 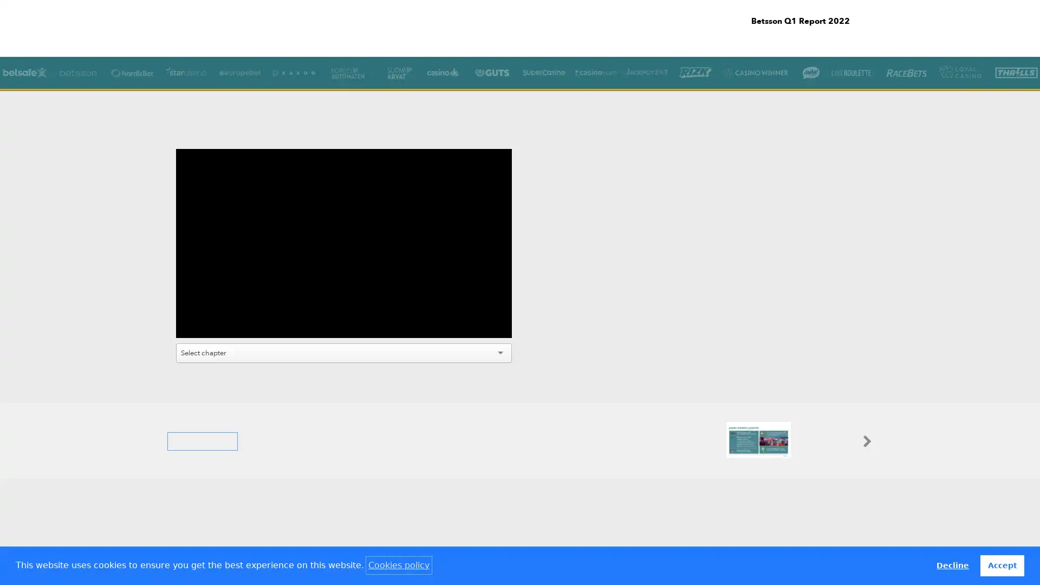 I want to click on learn more about cookies, so click(x=398, y=565).